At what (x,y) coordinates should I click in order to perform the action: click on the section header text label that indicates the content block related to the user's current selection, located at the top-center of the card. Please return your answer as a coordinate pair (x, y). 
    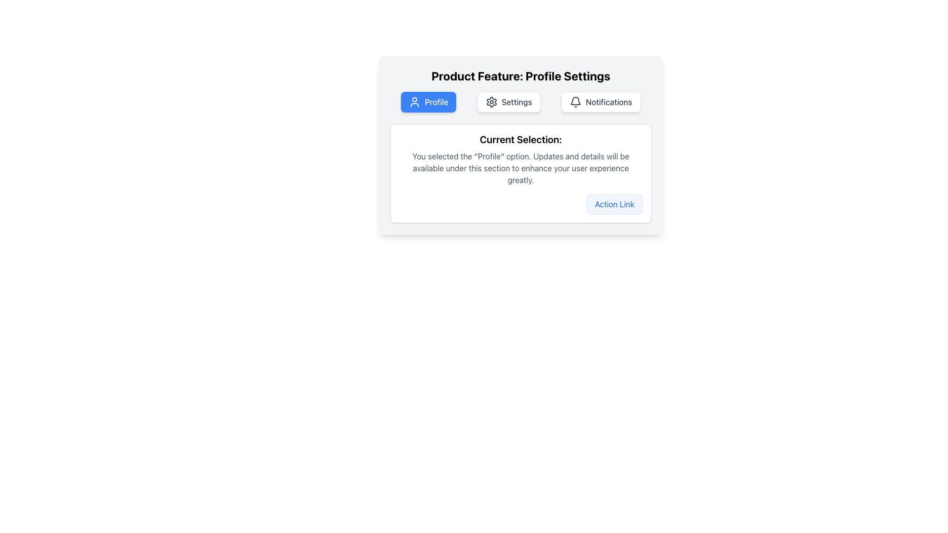
    Looking at the image, I should click on (520, 139).